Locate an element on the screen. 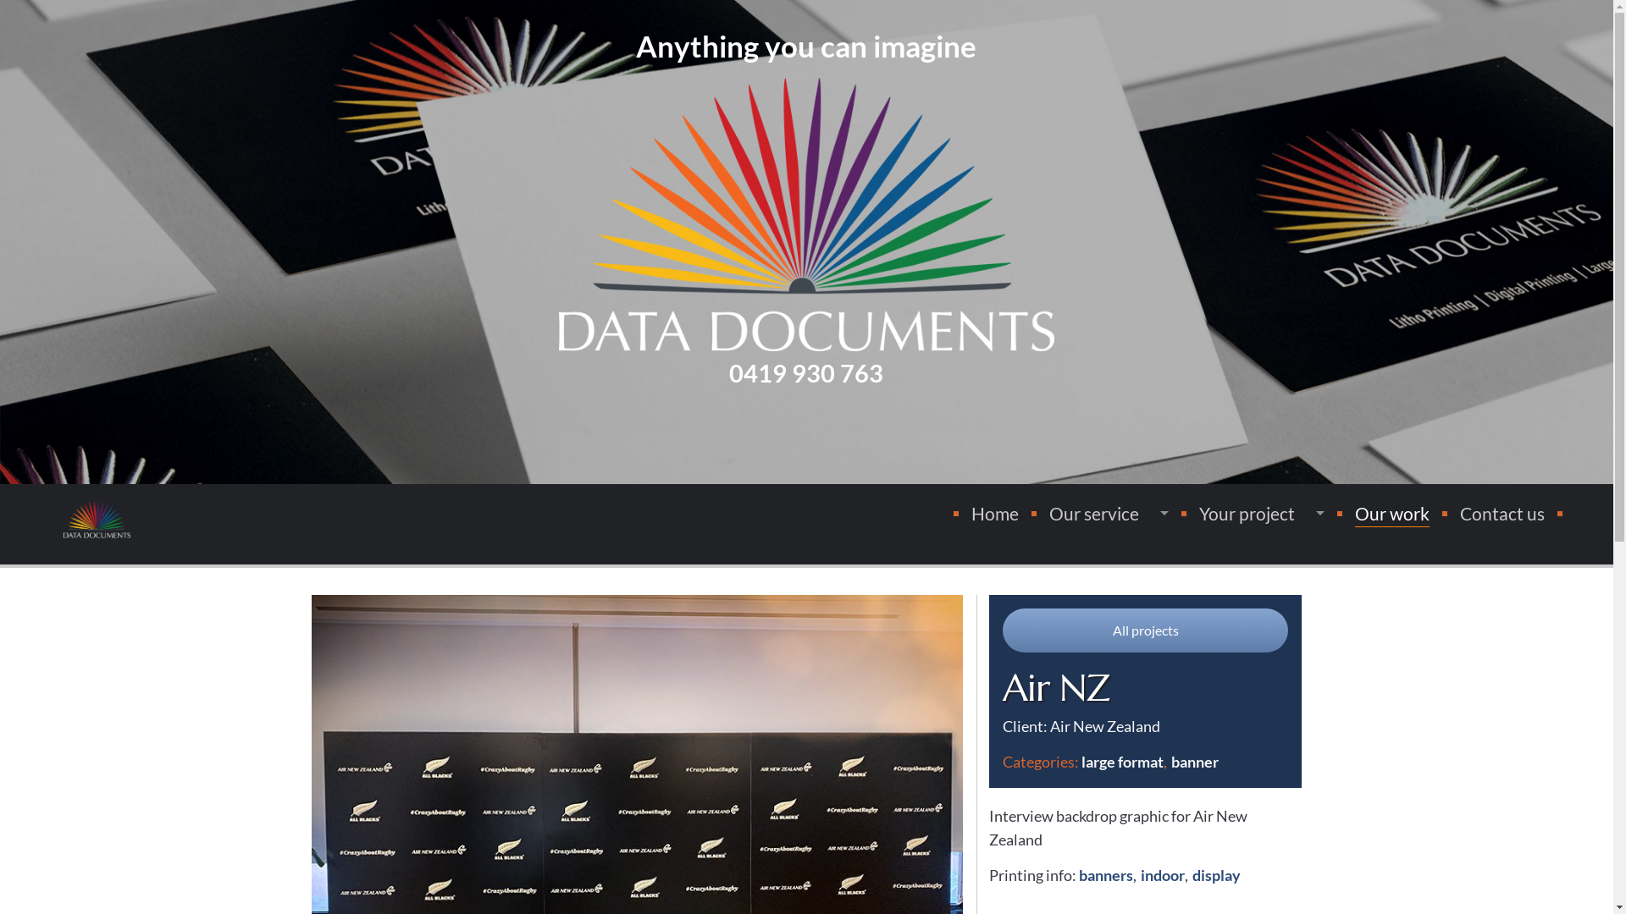 This screenshot has width=1626, height=914. 'Contact us' is located at coordinates (1502, 512).